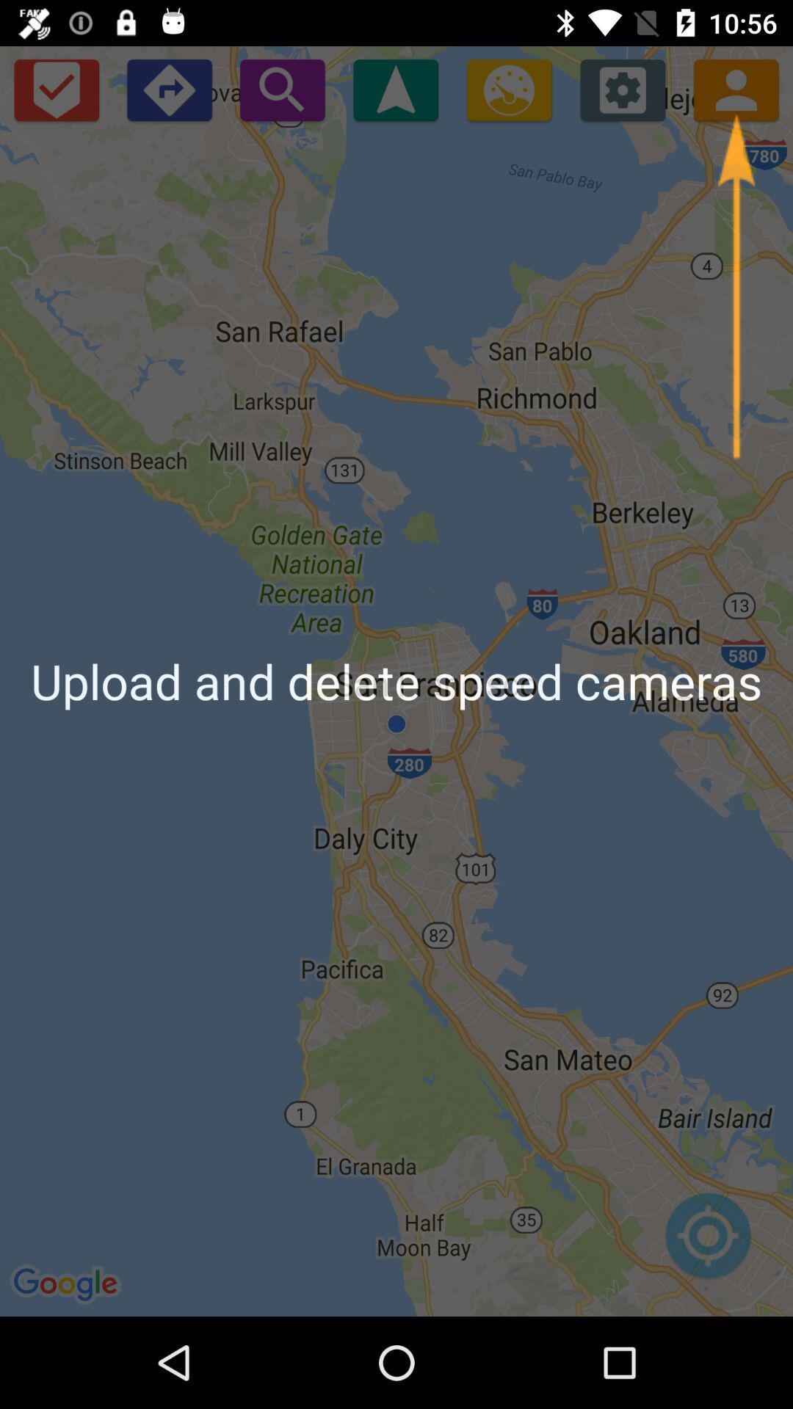 This screenshot has height=1409, width=793. Describe the element at coordinates (707, 1242) in the screenshot. I see `blue colour location icon at bottom` at that location.